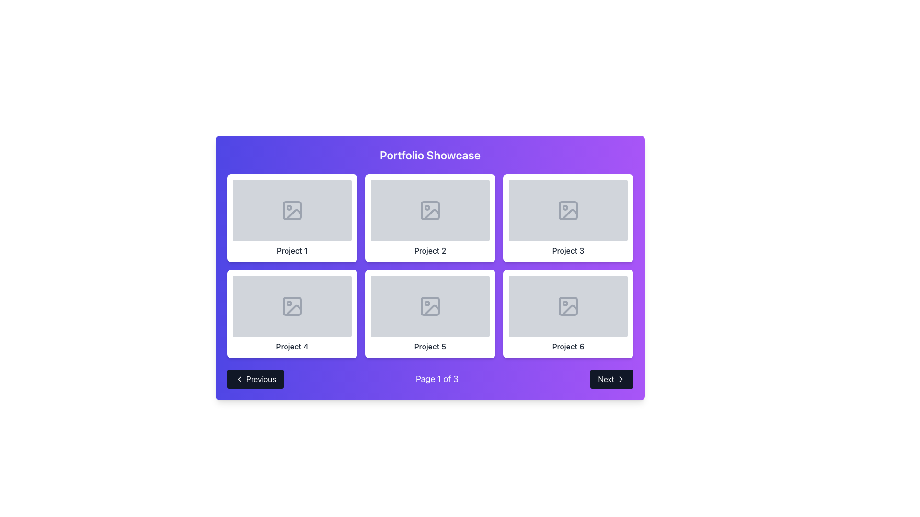  What do you see at coordinates (261, 378) in the screenshot?
I see `the 'Previous' text label within the navigation button located at the bottom-left corner of the interface` at bounding box center [261, 378].